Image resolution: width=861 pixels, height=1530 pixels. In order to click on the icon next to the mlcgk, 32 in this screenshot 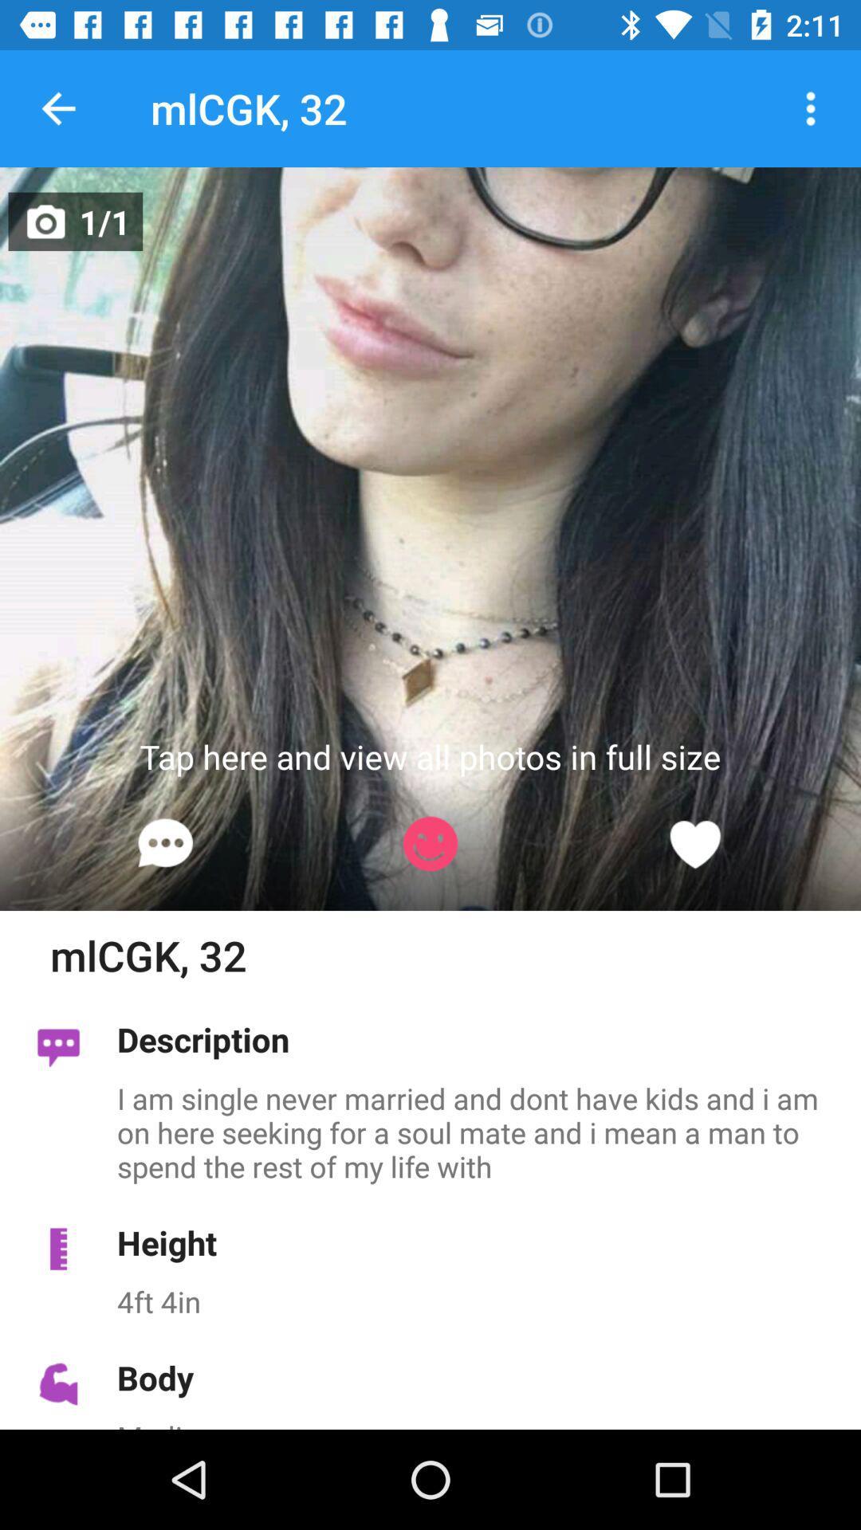, I will do `click(57, 108)`.